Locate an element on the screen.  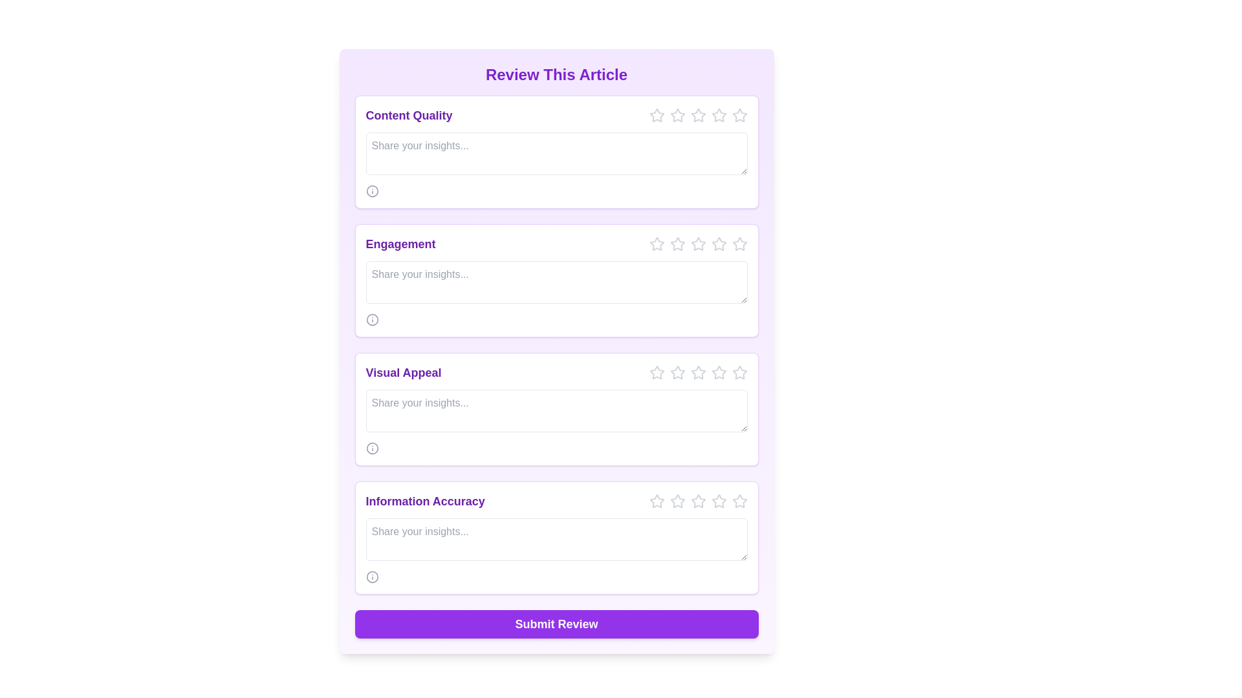
the fifth star-shaped icon in the sequence of star rating icons to rate the content quality is located at coordinates (739, 114).